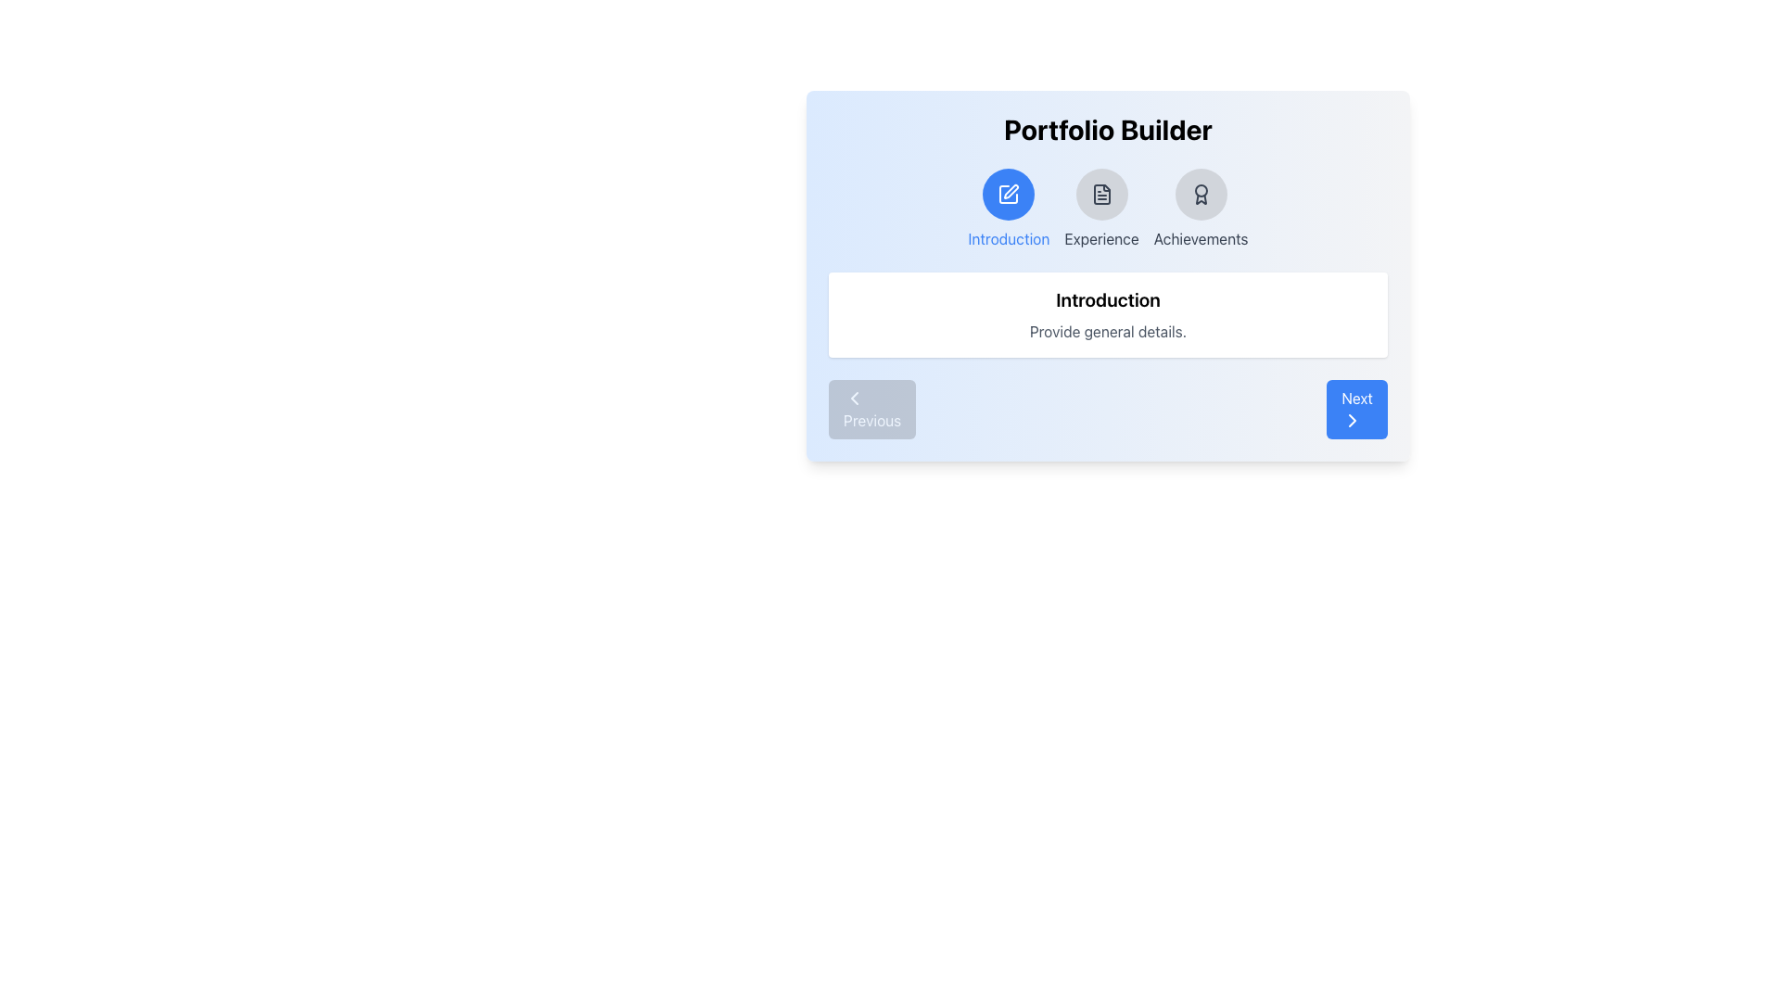 This screenshot has height=1001, width=1780. Describe the element at coordinates (1008, 209) in the screenshot. I see `the Icon-based Navigation Button for the 'Introduction' section located at the top-center of the portfolio builder interface to focus on that section` at that location.